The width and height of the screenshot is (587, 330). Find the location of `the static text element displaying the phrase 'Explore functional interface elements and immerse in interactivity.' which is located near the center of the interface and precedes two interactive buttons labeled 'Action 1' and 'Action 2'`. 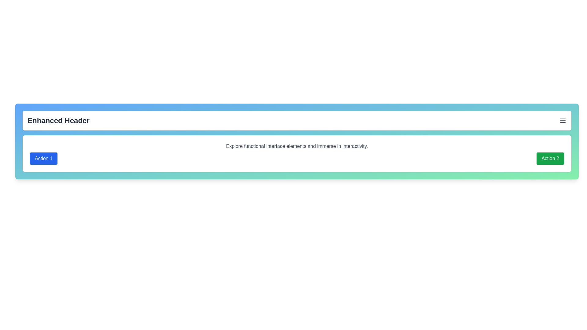

the static text element displaying the phrase 'Explore functional interface elements and immerse in interactivity.' which is located near the center of the interface and precedes two interactive buttons labeled 'Action 1' and 'Action 2' is located at coordinates (297, 146).